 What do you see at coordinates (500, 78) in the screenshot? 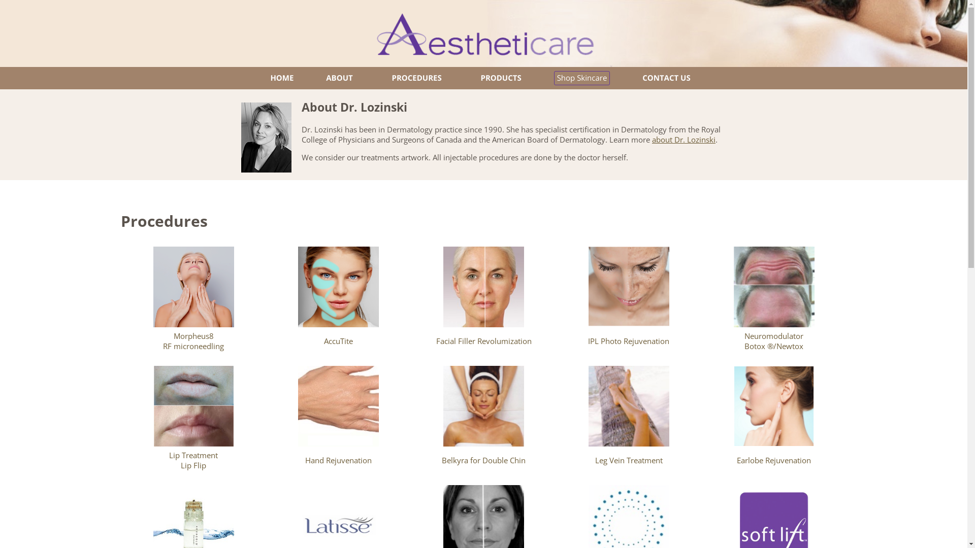
I see `'PRODUCTS'` at bounding box center [500, 78].